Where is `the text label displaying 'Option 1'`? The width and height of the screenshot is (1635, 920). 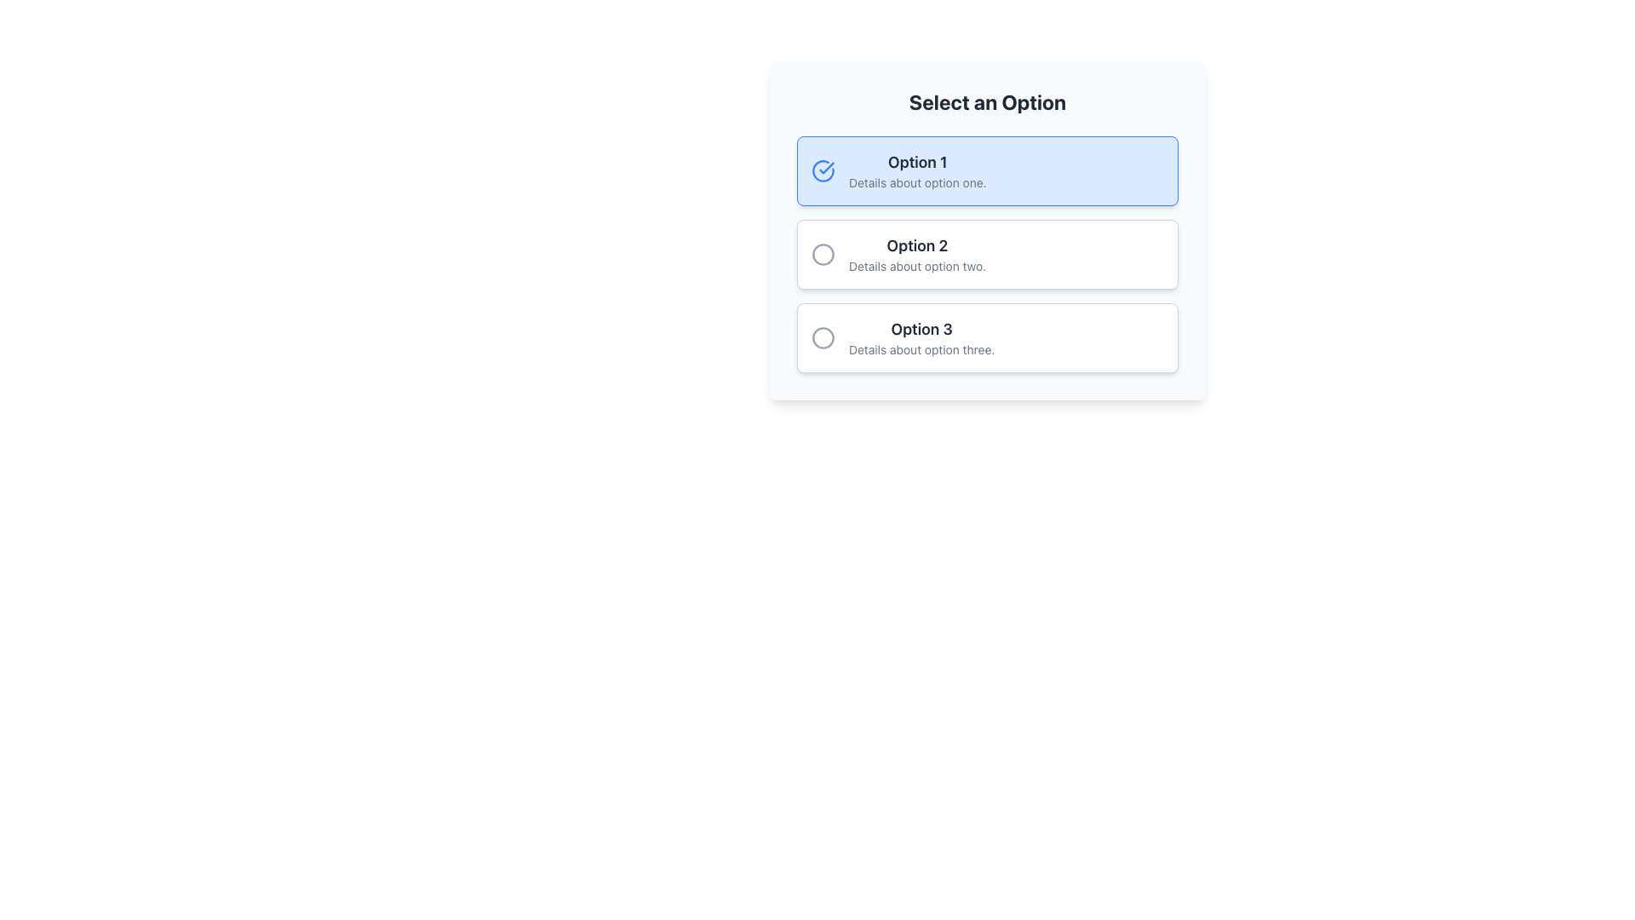
the text label displaying 'Option 1' is located at coordinates (916, 163).